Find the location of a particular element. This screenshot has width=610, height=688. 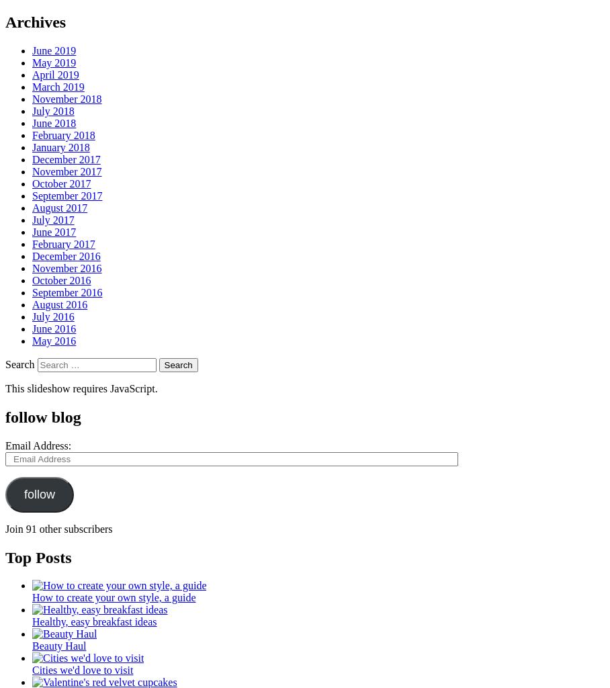

'February 2018' is located at coordinates (62, 134).